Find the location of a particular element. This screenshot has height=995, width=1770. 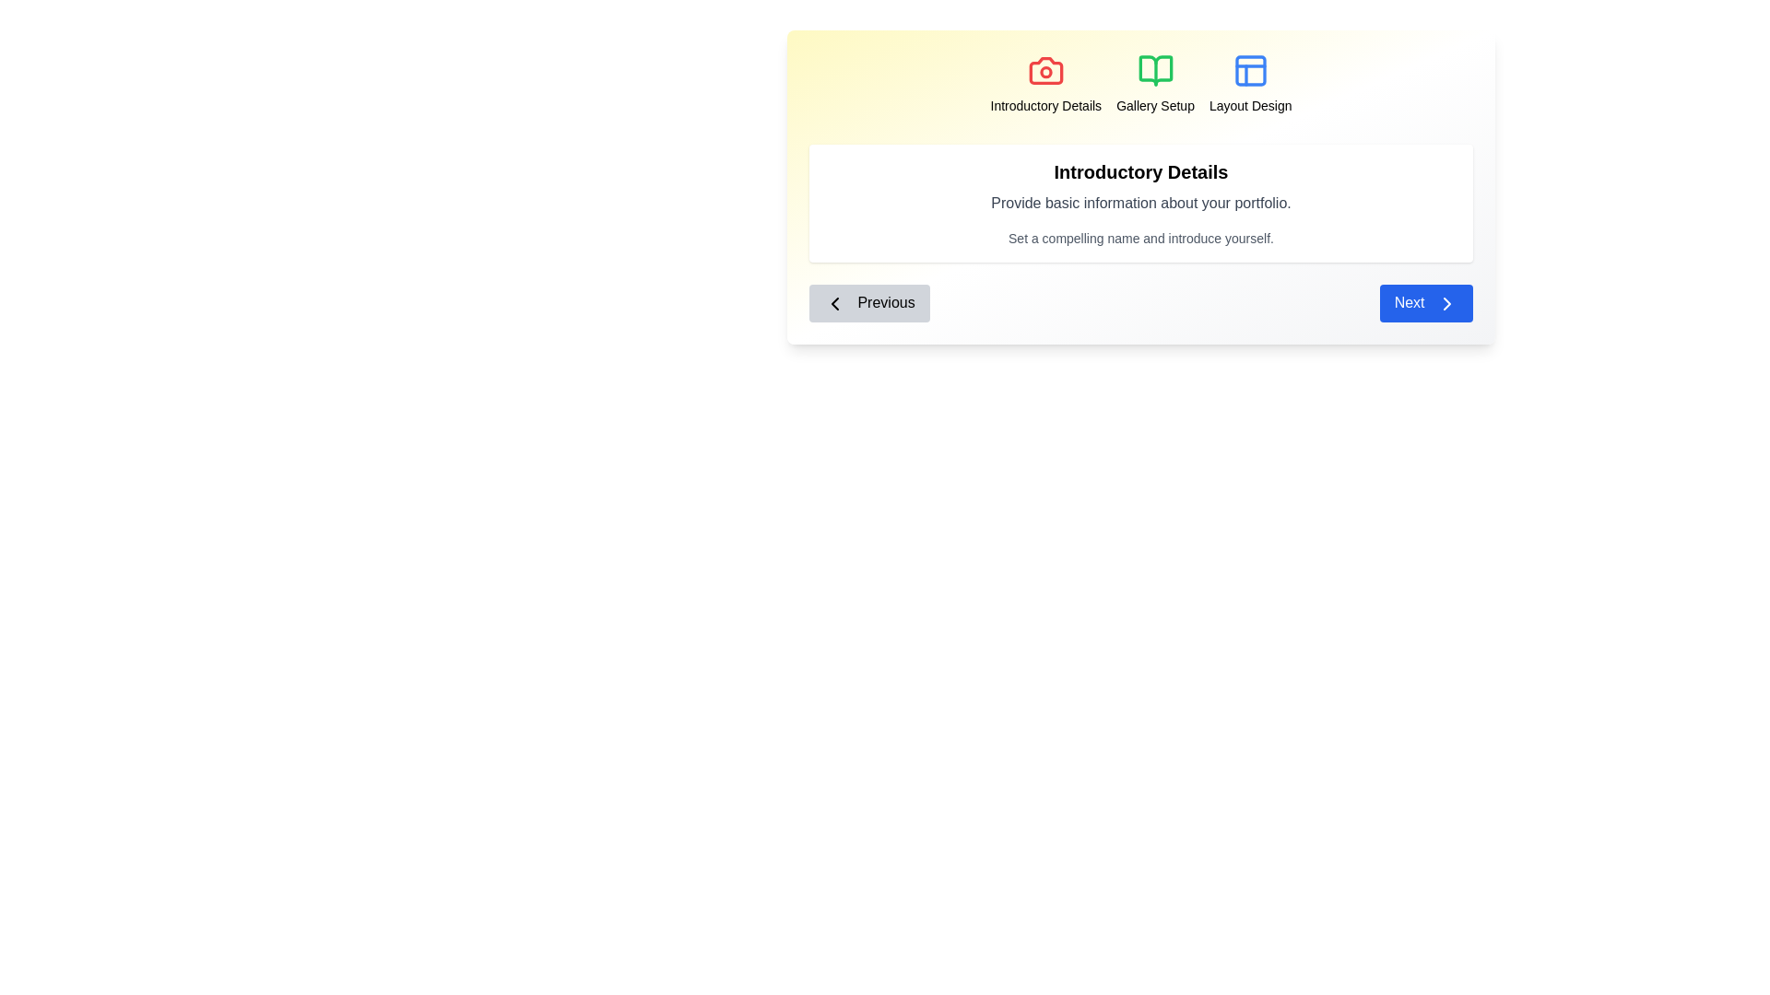

the green open book icon located in the Gallery Setup section, positioned between 'Introductory Details' and 'Layout Design' is located at coordinates (1154, 70).